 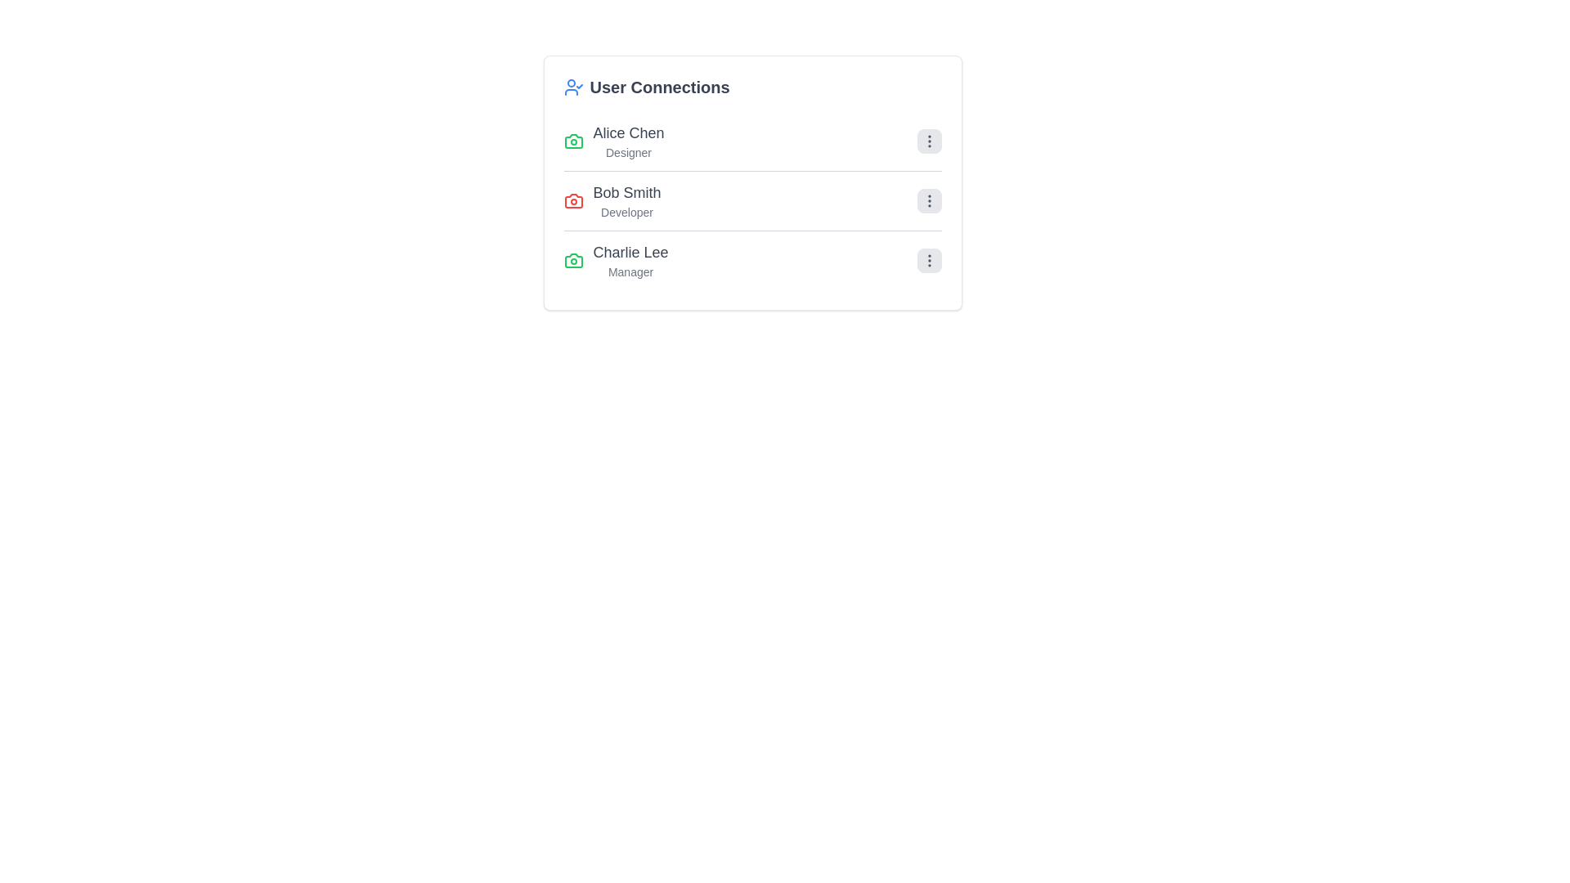 I want to click on the text label displaying 'Designer' in a small gray font, located below 'Alice Chen' in the user profile details, so click(x=627, y=152).